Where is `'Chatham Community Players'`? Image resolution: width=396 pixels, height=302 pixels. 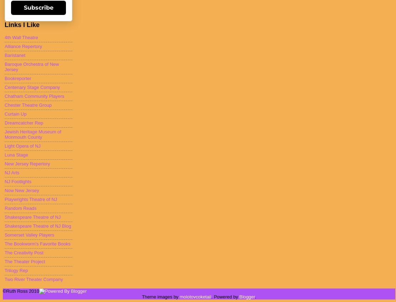 'Chatham Community Players' is located at coordinates (4, 96).